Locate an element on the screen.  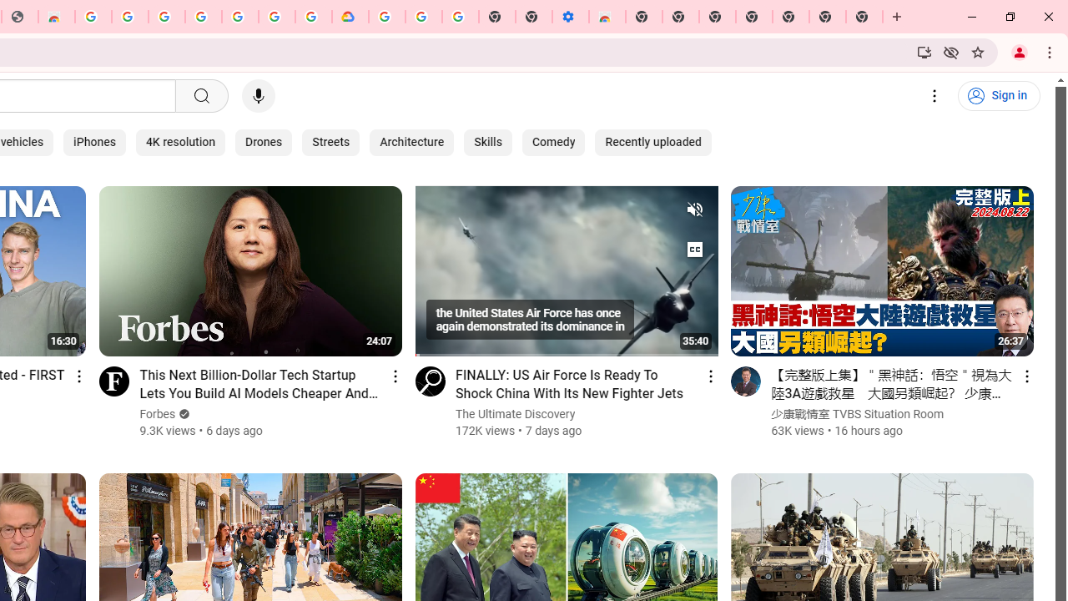
'Unmute' is located at coordinates (694, 208).